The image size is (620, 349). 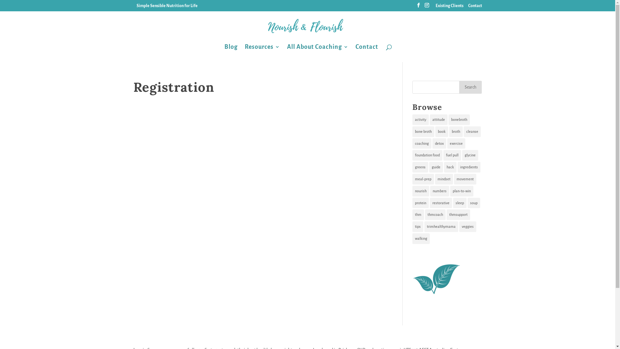 What do you see at coordinates (418, 215) in the screenshot?
I see `'thm'` at bounding box center [418, 215].